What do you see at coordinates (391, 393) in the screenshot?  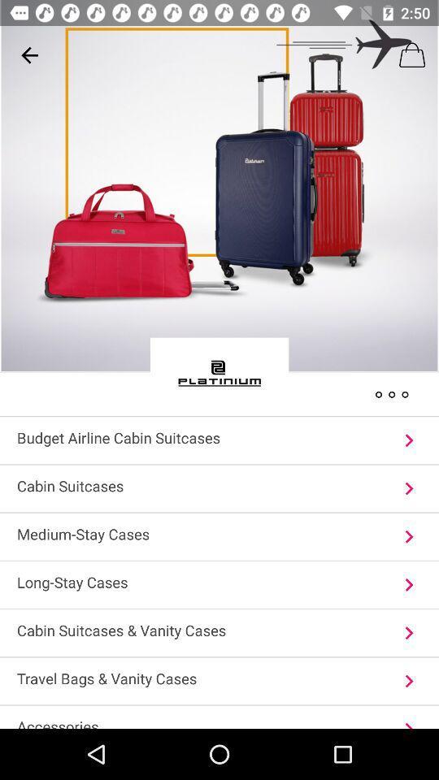 I see `3 horizontal dots` at bounding box center [391, 393].